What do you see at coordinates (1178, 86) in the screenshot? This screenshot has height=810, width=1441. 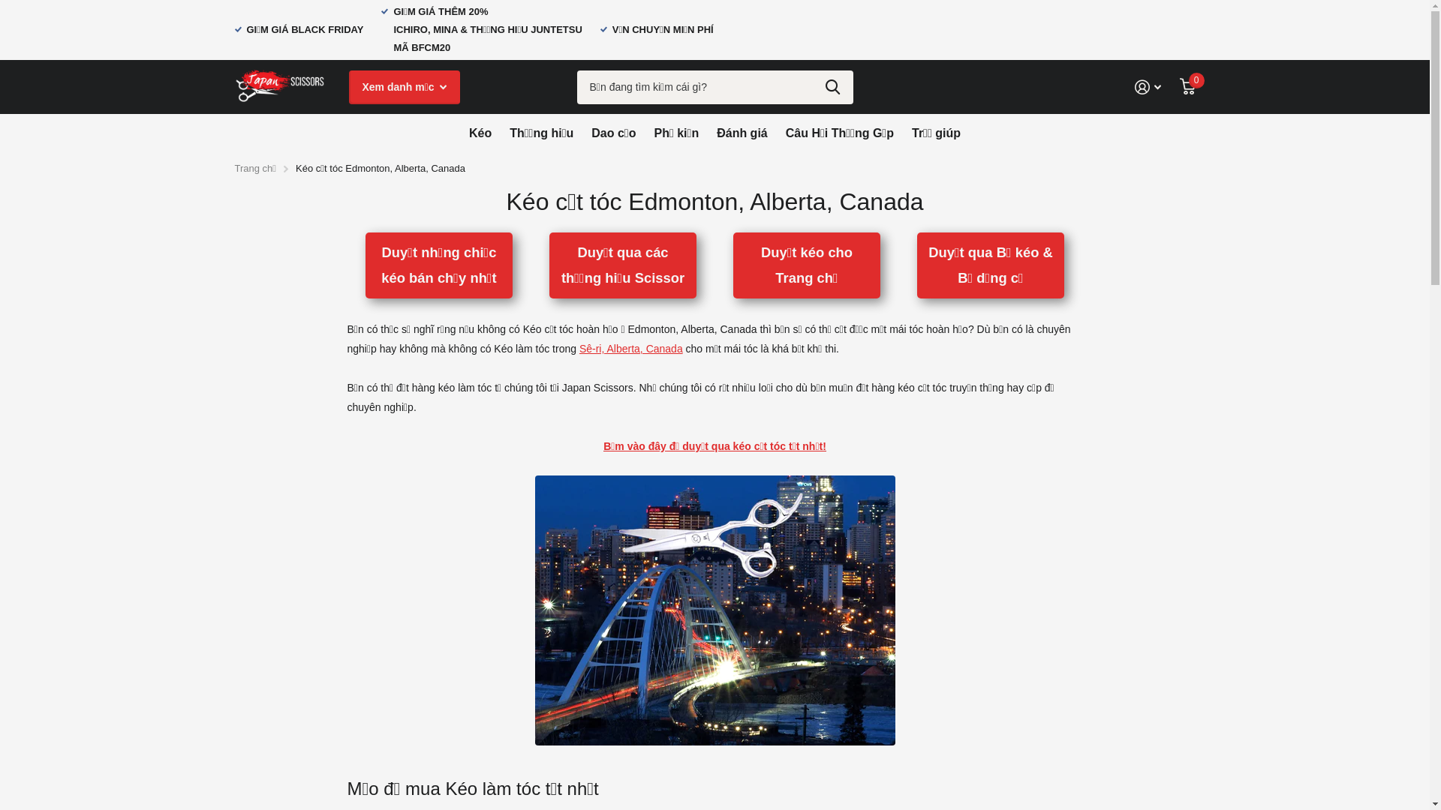 I see `'0'` at bounding box center [1178, 86].